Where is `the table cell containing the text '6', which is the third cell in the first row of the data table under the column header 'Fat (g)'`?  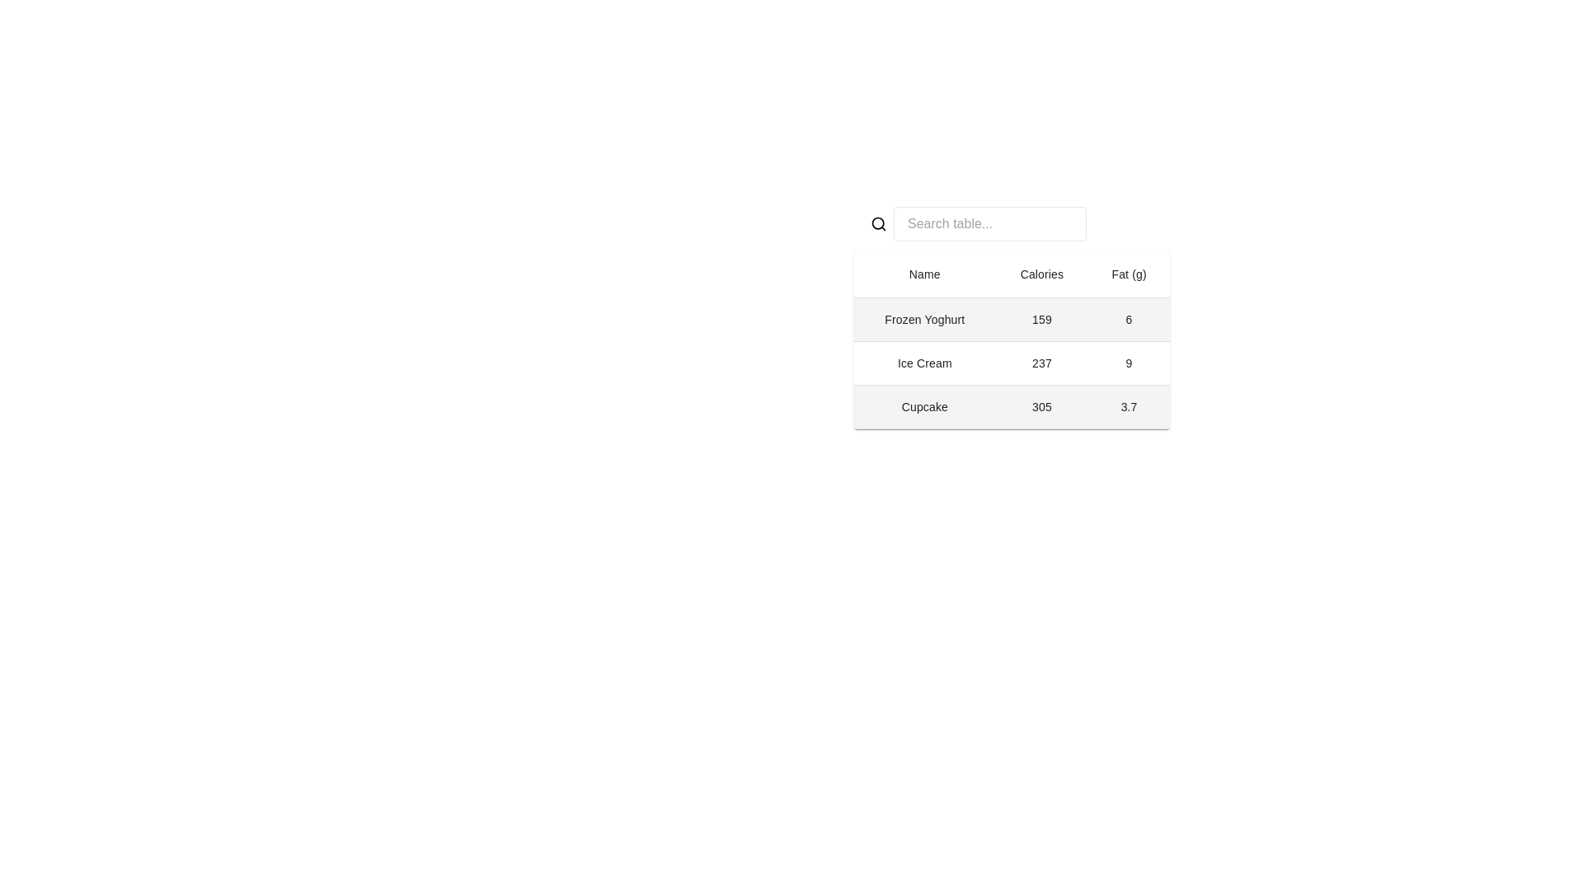 the table cell containing the text '6', which is the third cell in the first row of the data table under the column header 'Fat (g)' is located at coordinates (1128, 320).